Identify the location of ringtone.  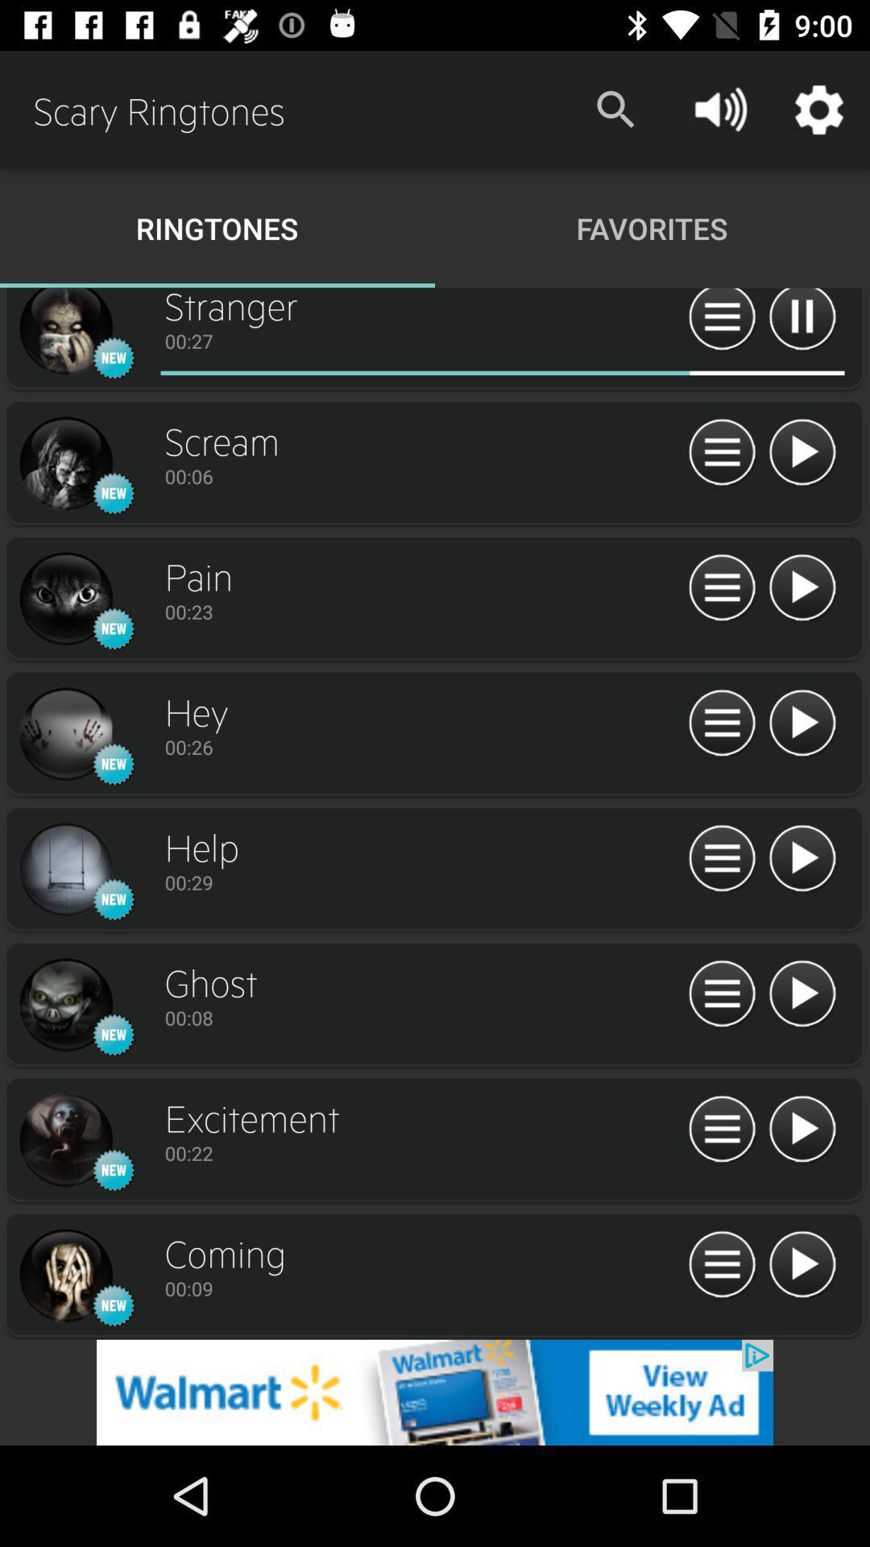
(802, 587).